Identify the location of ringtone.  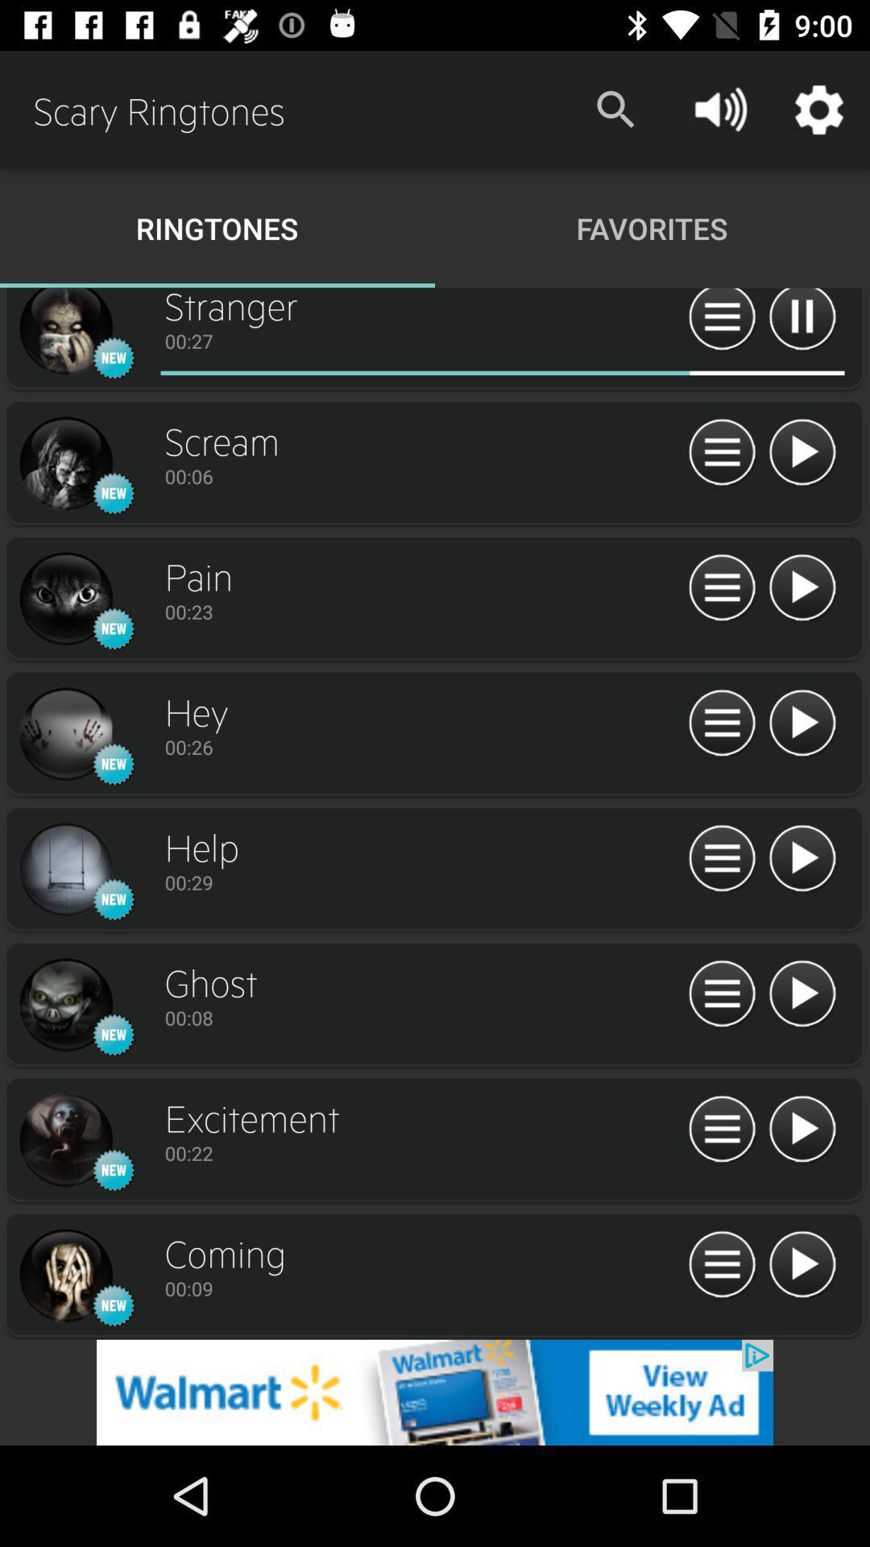
(802, 587).